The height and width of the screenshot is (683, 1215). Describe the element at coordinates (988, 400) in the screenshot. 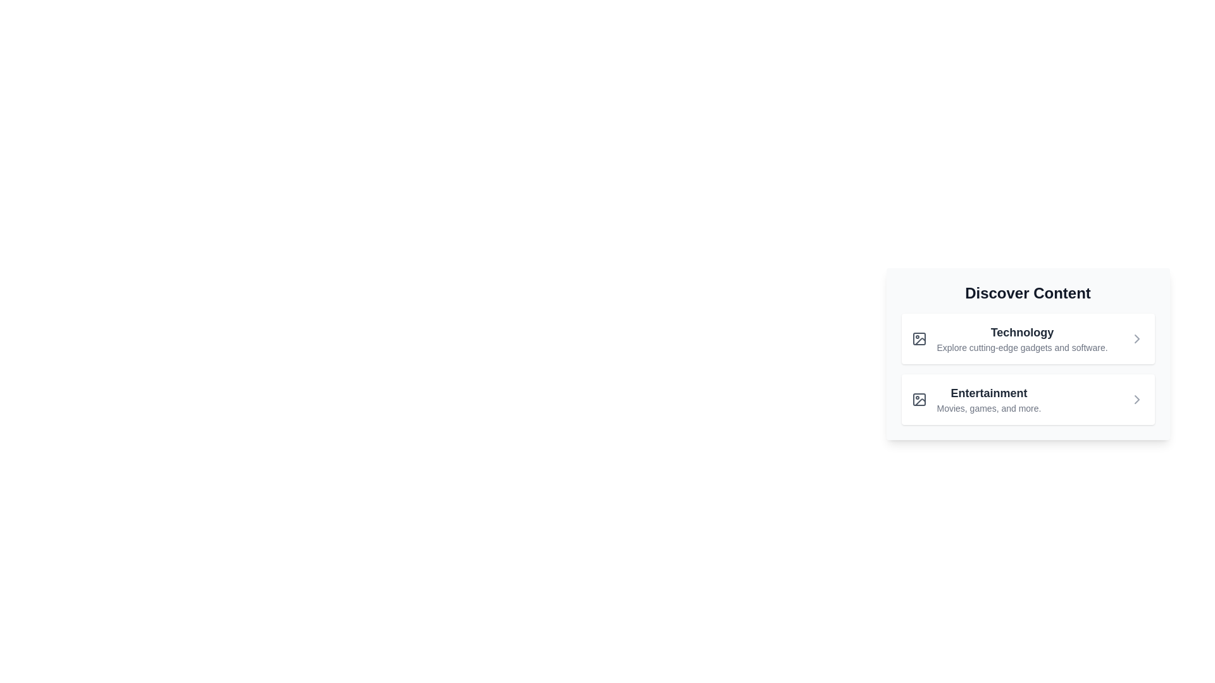

I see `the 'Entertainment' text heading card, which is the second card in a vertical stack` at that location.